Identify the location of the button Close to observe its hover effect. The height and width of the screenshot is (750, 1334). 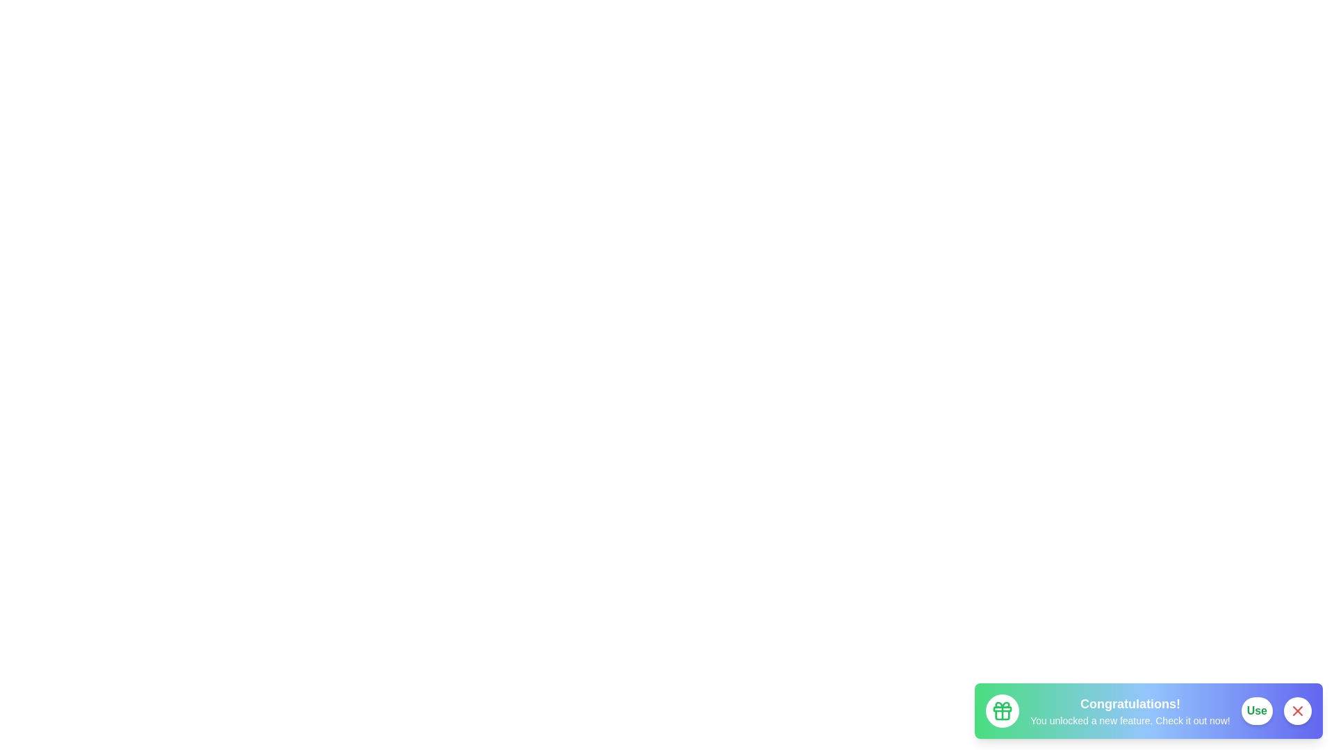
(1296, 710).